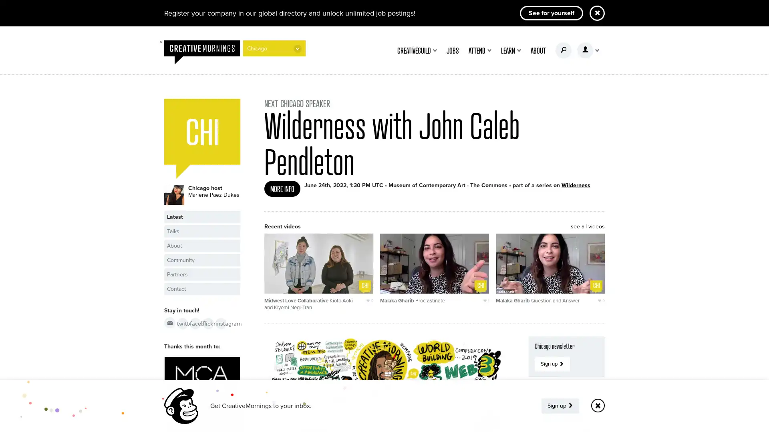  I want to click on USER, so click(588, 50).